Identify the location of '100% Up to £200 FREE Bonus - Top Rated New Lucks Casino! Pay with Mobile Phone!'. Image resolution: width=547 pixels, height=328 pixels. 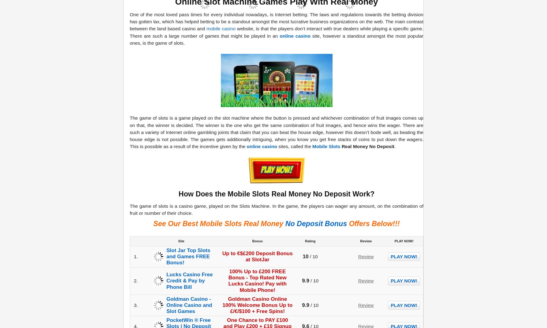
(257, 281).